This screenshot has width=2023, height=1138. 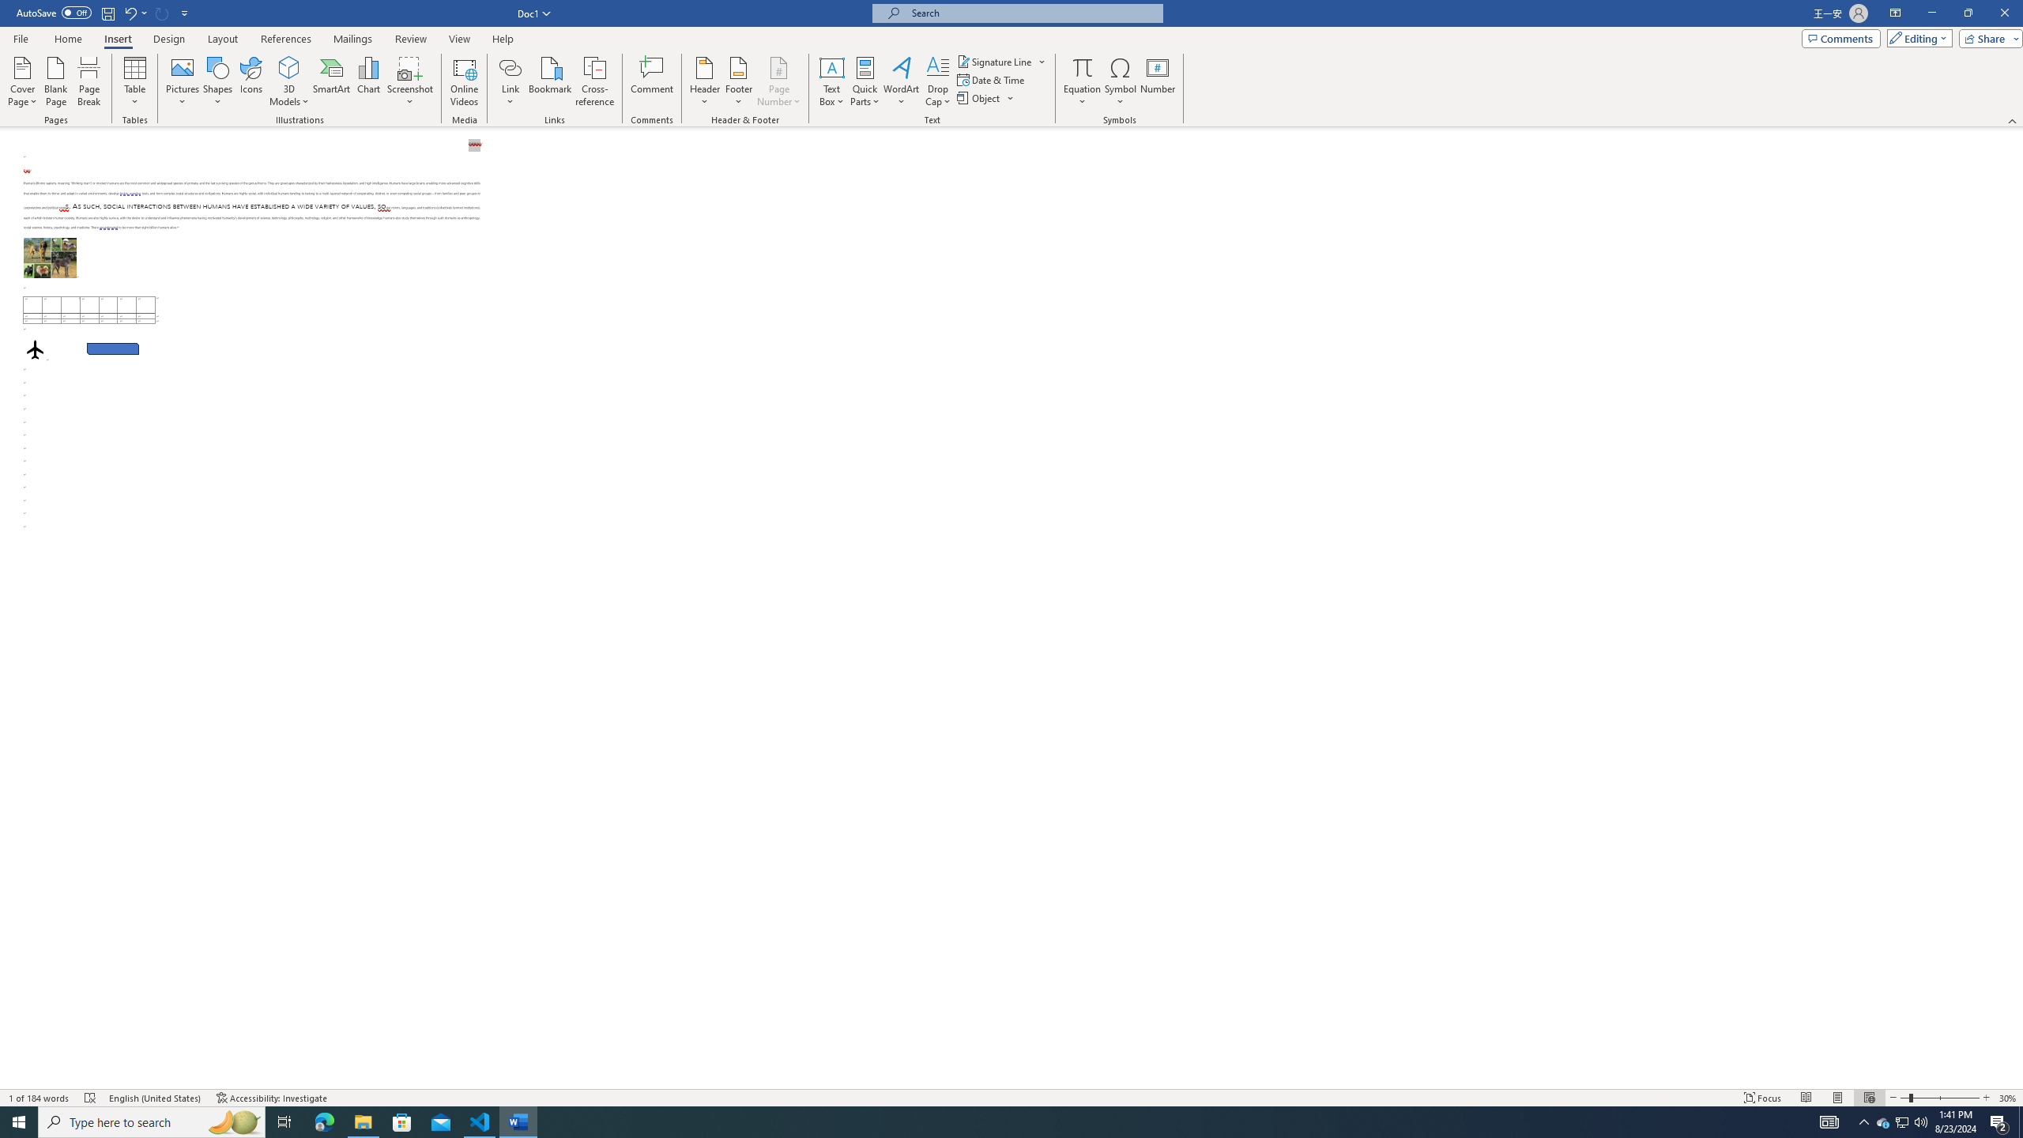 What do you see at coordinates (251, 81) in the screenshot?
I see `'Icons'` at bounding box center [251, 81].